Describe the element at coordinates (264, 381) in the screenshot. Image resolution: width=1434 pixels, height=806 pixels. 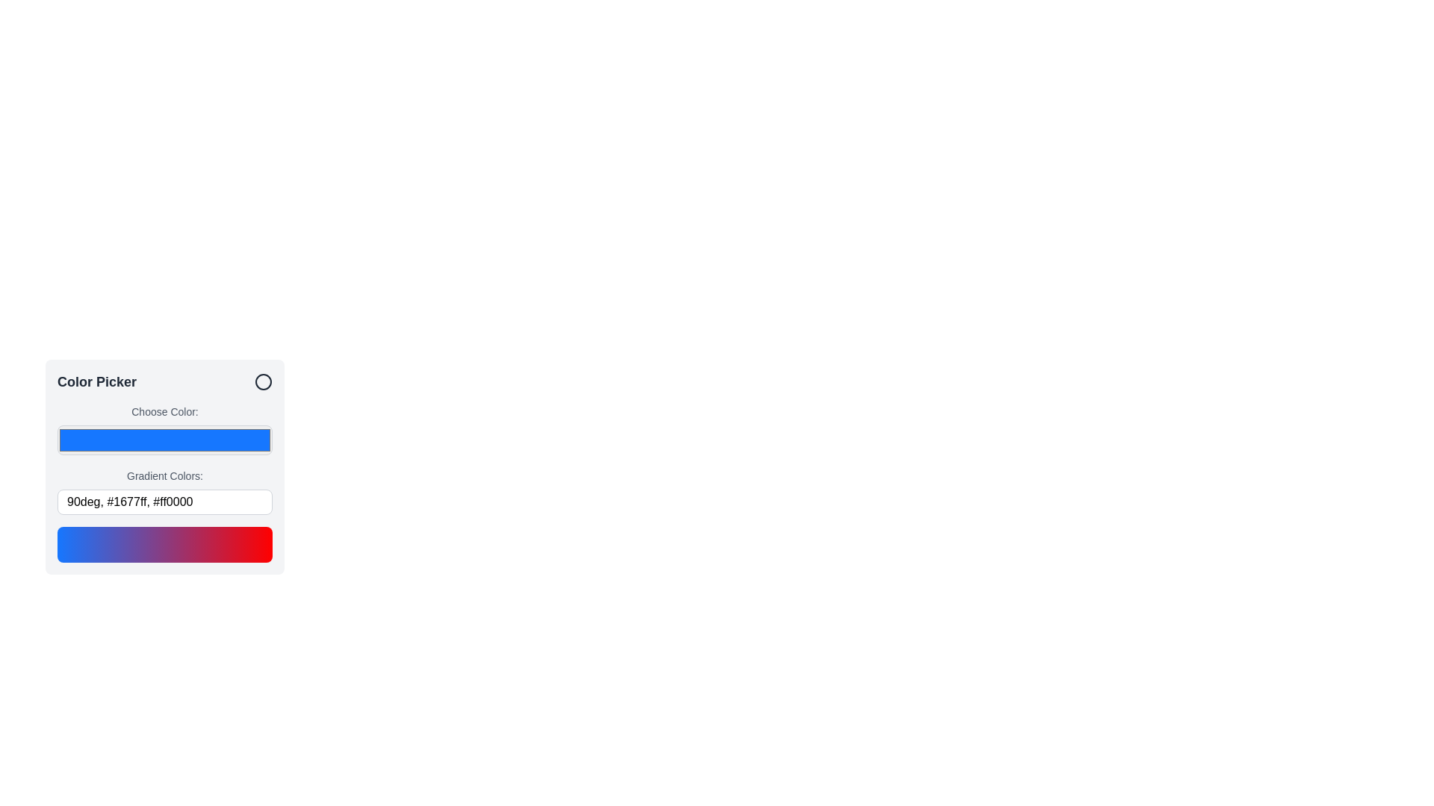
I see `the circular dark gray icon with a hollow center located in the top-right corner of the 'Color Picker' section's header, adjacent to the label 'Color Picker'` at that location.